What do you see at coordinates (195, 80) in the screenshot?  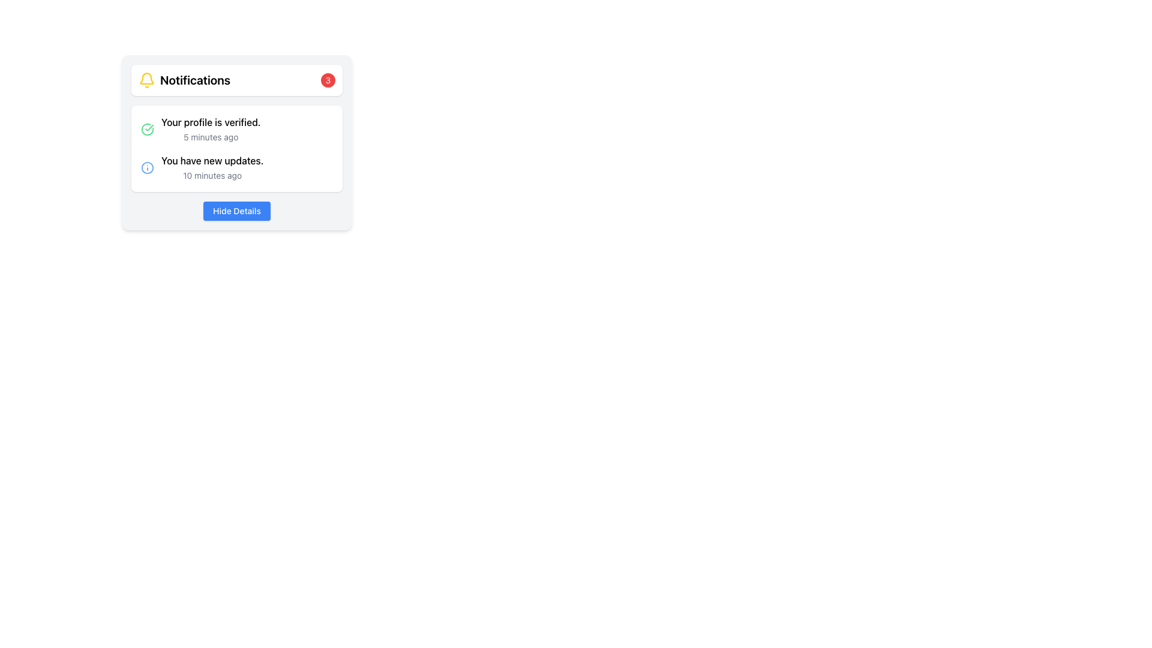 I see `title of the notification section, which is positioned at the top of the notification card, centered between a yellow bell icon and a red badge with the number '3'` at bounding box center [195, 80].